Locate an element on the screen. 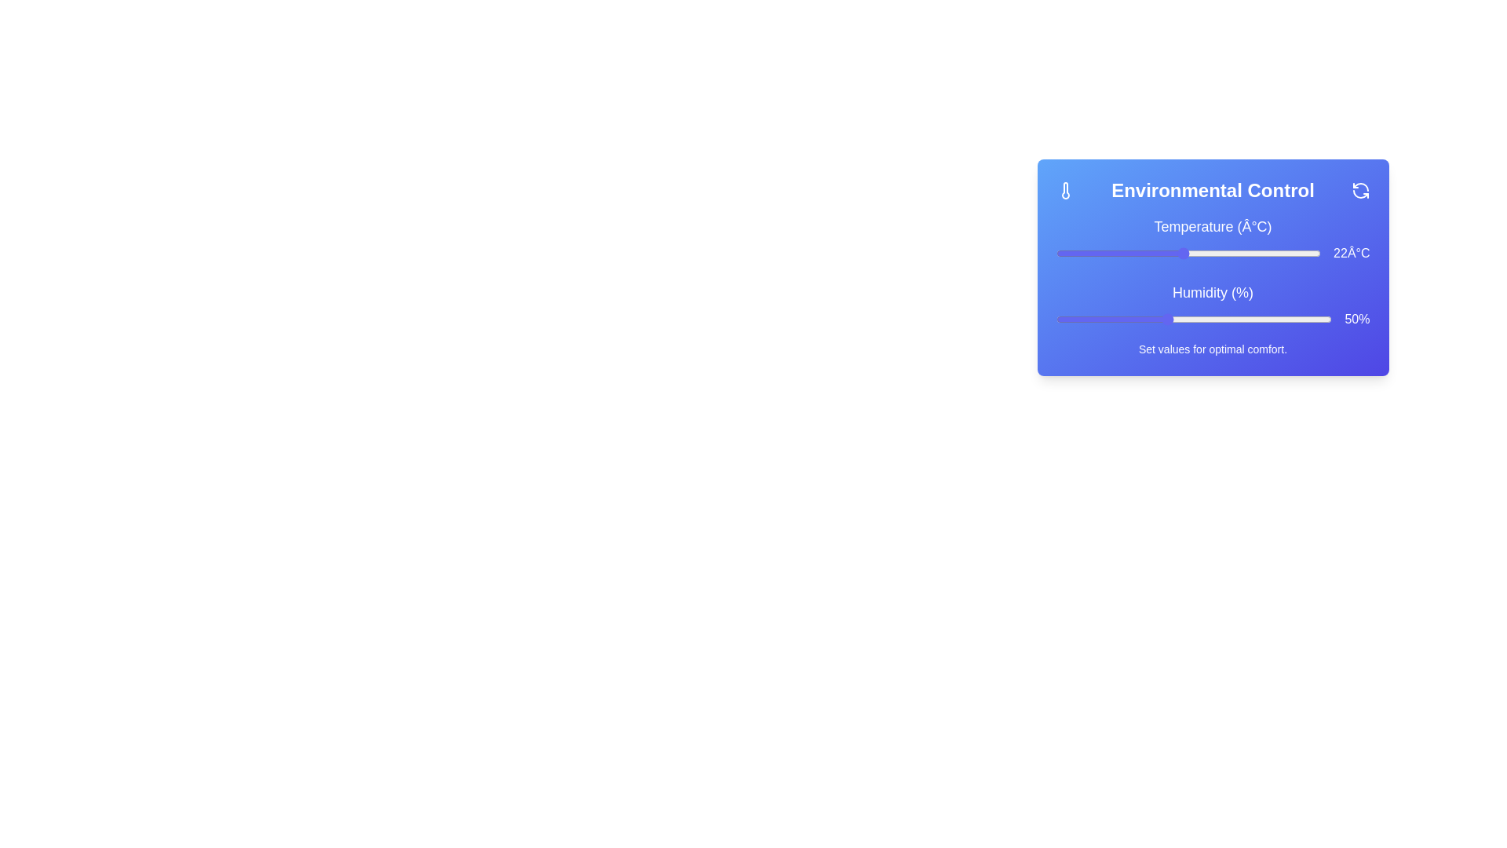 The width and height of the screenshot is (1507, 848). the humidity slider to set the humidity to 36% is located at coordinates (1088, 319).